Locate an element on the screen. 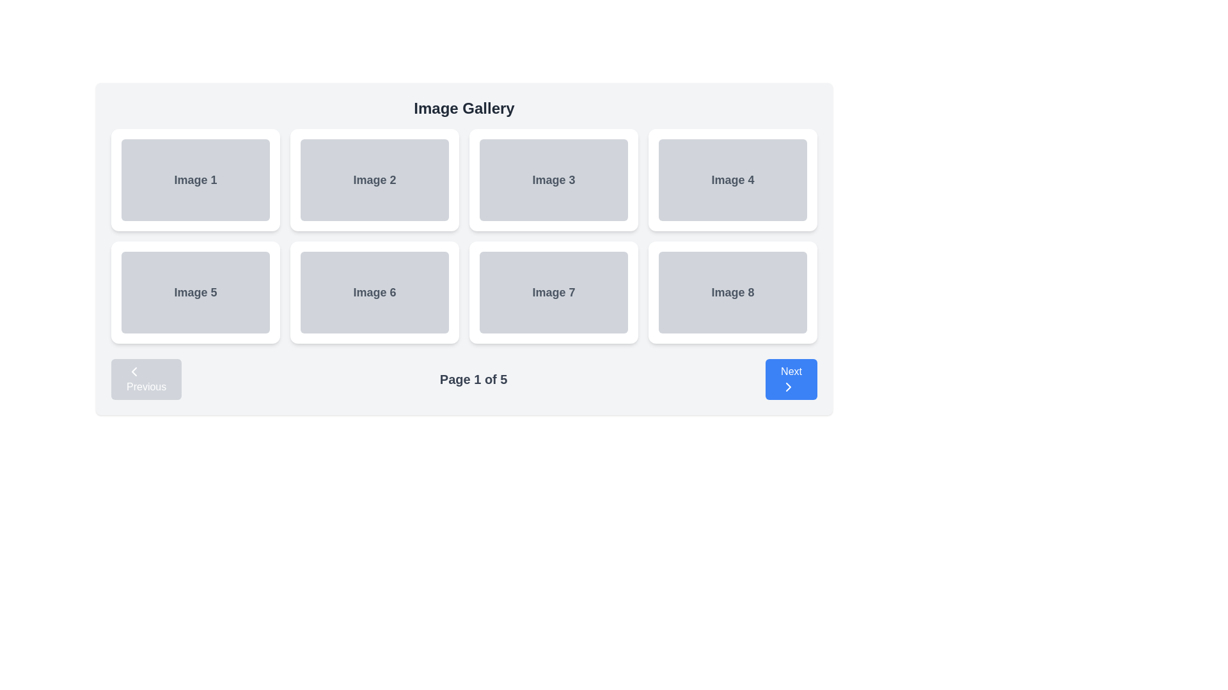 This screenshot has height=690, width=1228. the Card element representing 'Image 7', located in the second row and third column of the grid for navigation purposes is located at coordinates (553, 293).